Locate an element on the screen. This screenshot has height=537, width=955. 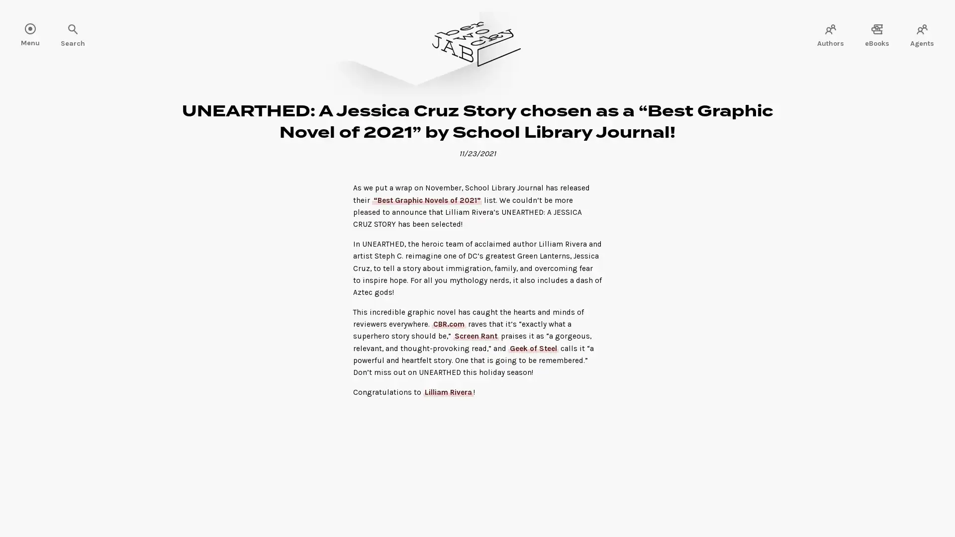
Search is located at coordinates (40, 30).